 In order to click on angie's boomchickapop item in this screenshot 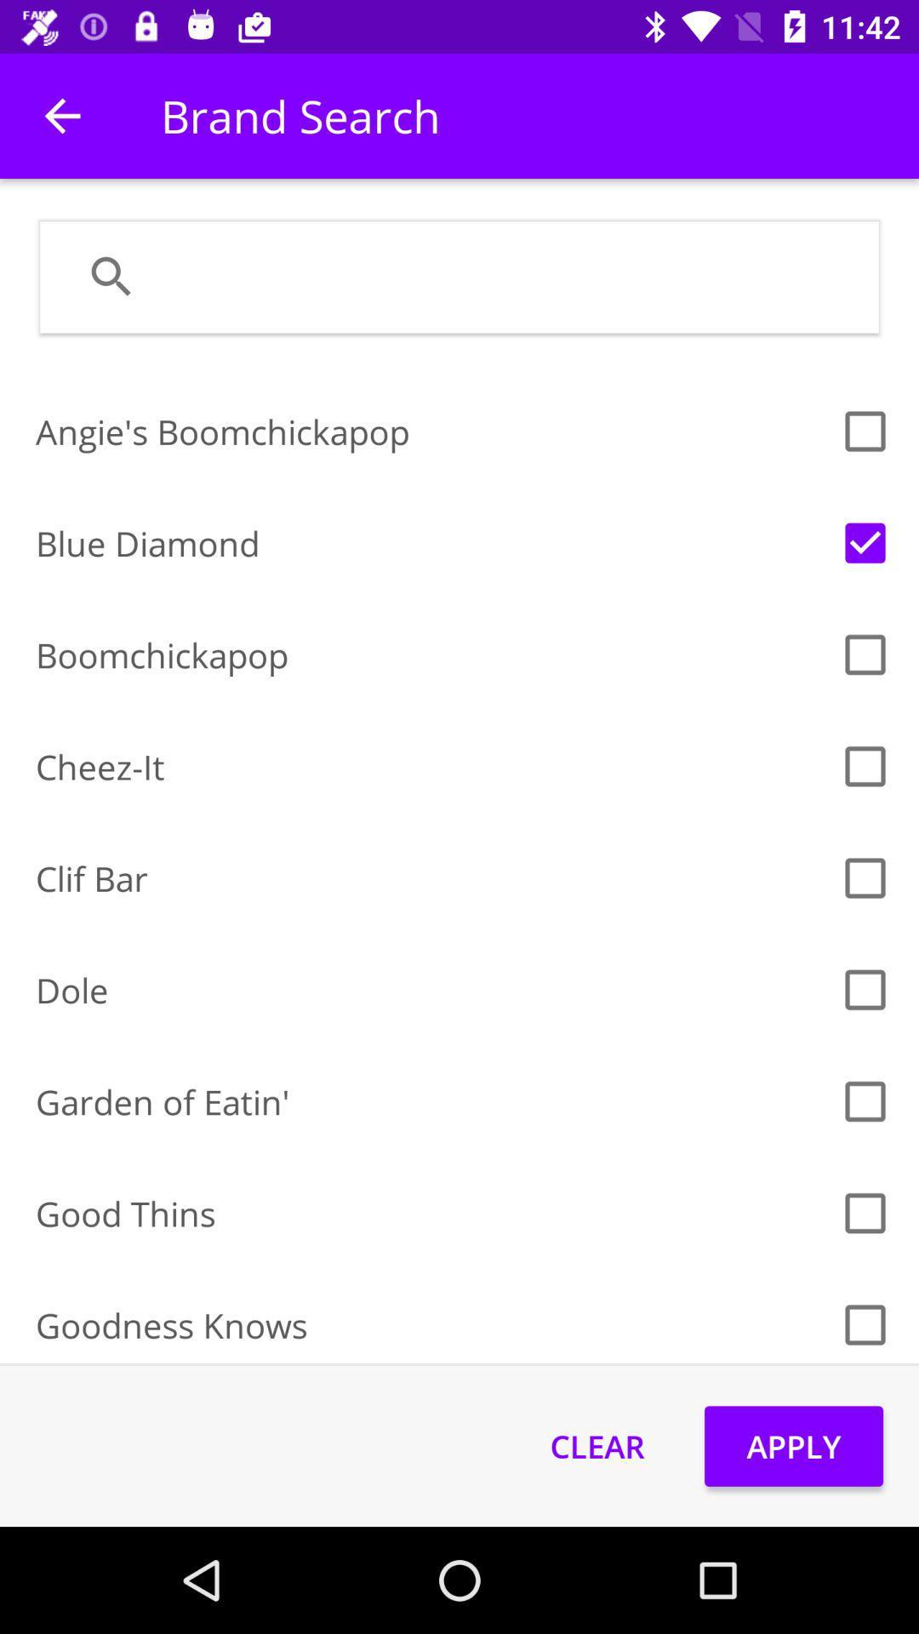, I will do `click(431, 431)`.